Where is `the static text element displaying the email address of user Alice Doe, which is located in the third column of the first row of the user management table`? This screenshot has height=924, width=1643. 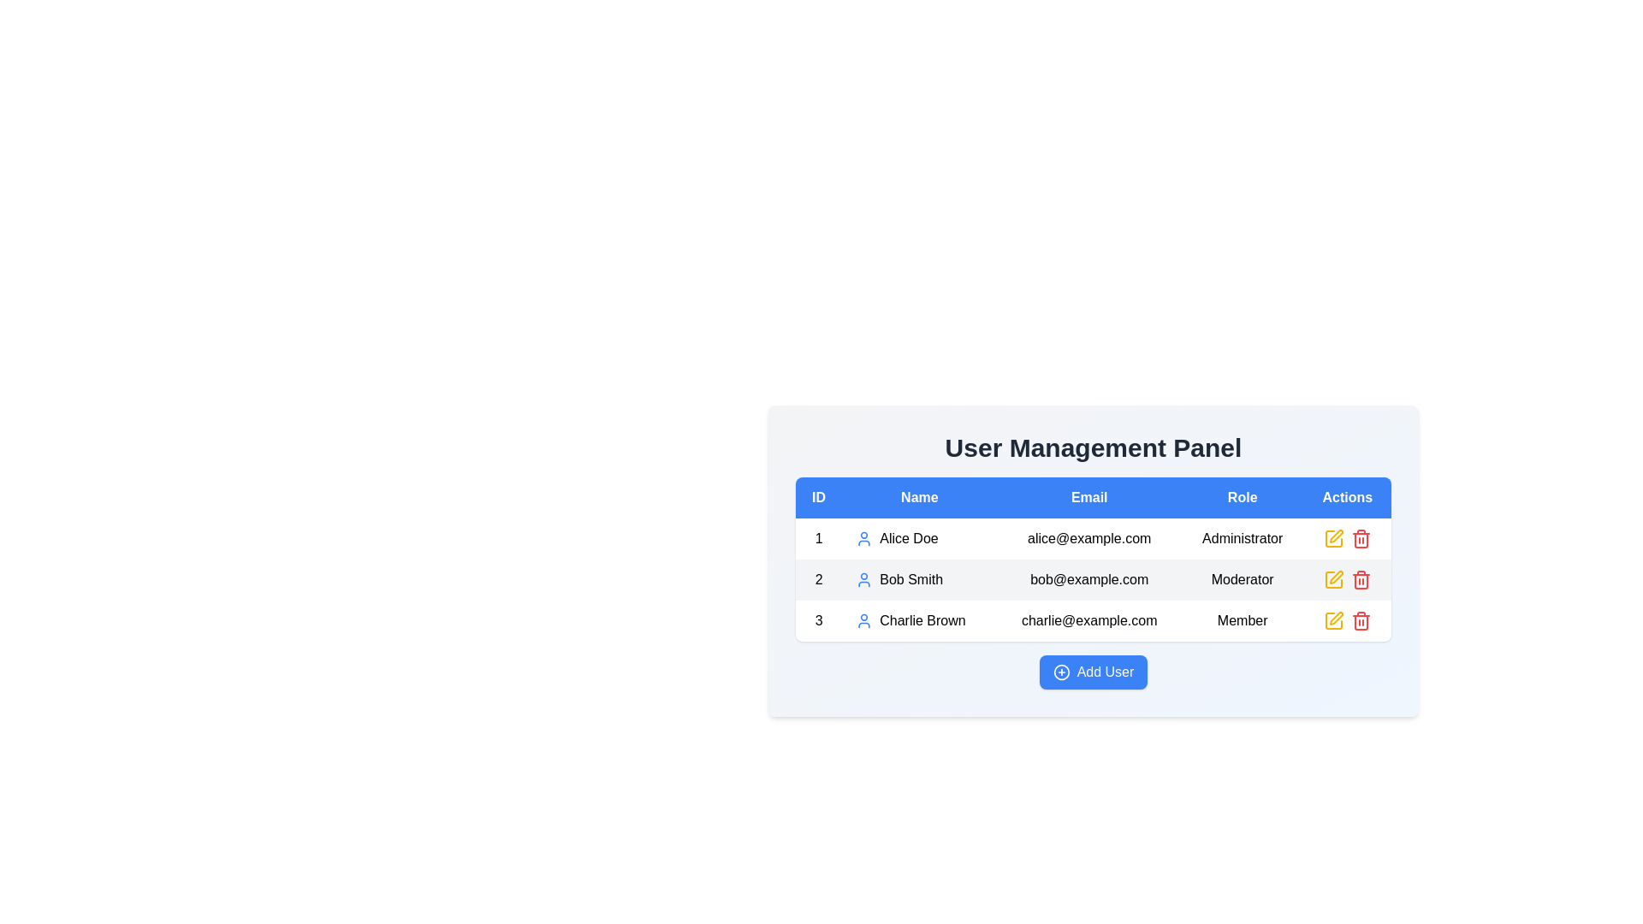 the static text element displaying the email address of user Alice Doe, which is located in the third column of the first row of the user management table is located at coordinates (1088, 537).